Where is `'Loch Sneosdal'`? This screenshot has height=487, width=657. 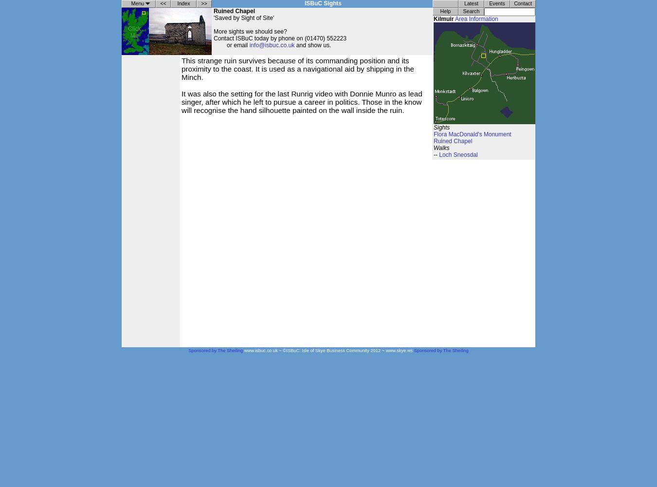
'Loch Sneosdal' is located at coordinates (438, 154).